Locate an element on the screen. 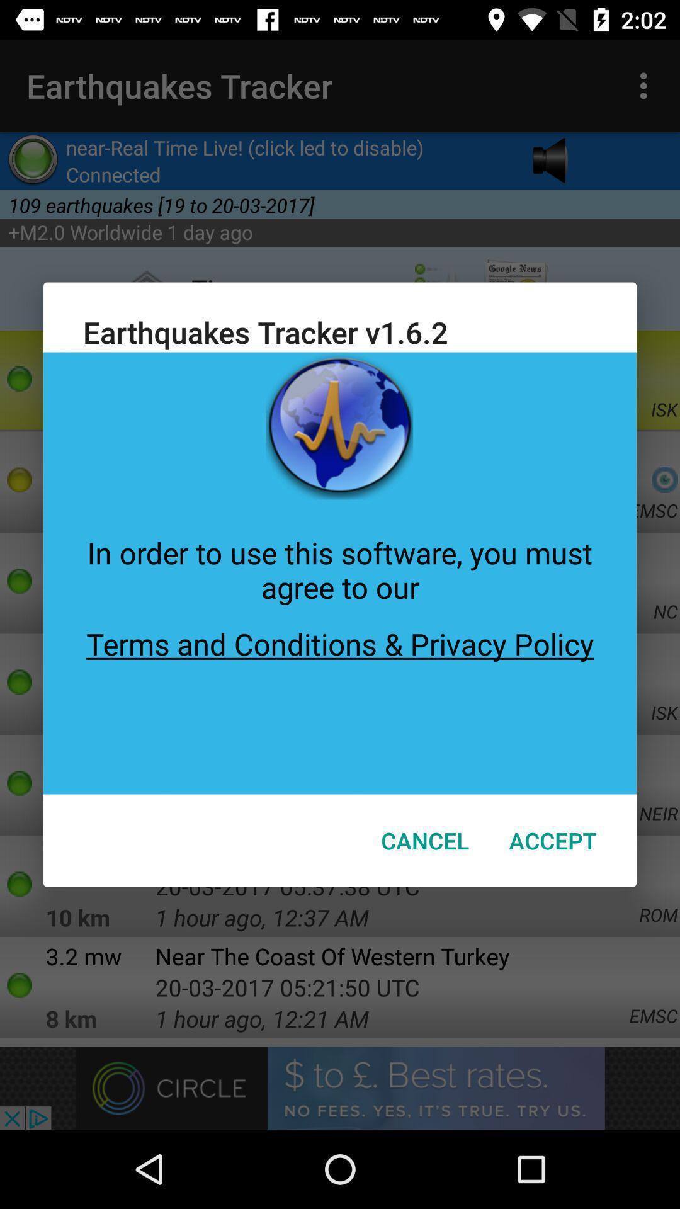  icon at the bottom right corner is located at coordinates (552, 840).